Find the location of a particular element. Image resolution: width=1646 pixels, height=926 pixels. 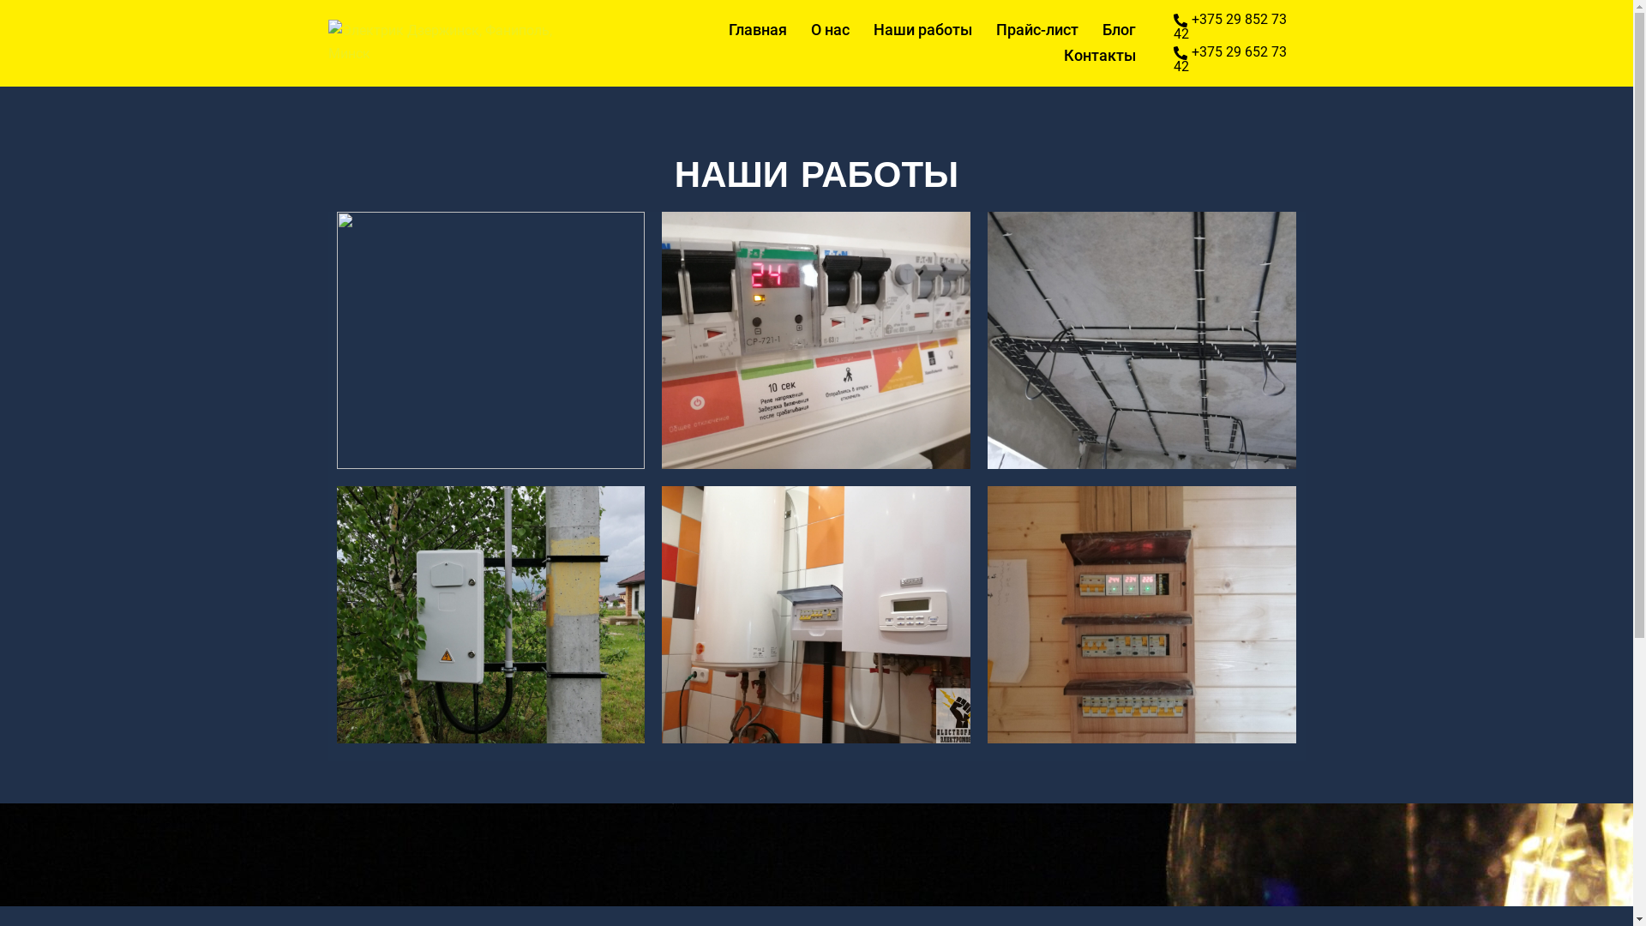

'+375 29 652 73 42' is located at coordinates (1239, 58).